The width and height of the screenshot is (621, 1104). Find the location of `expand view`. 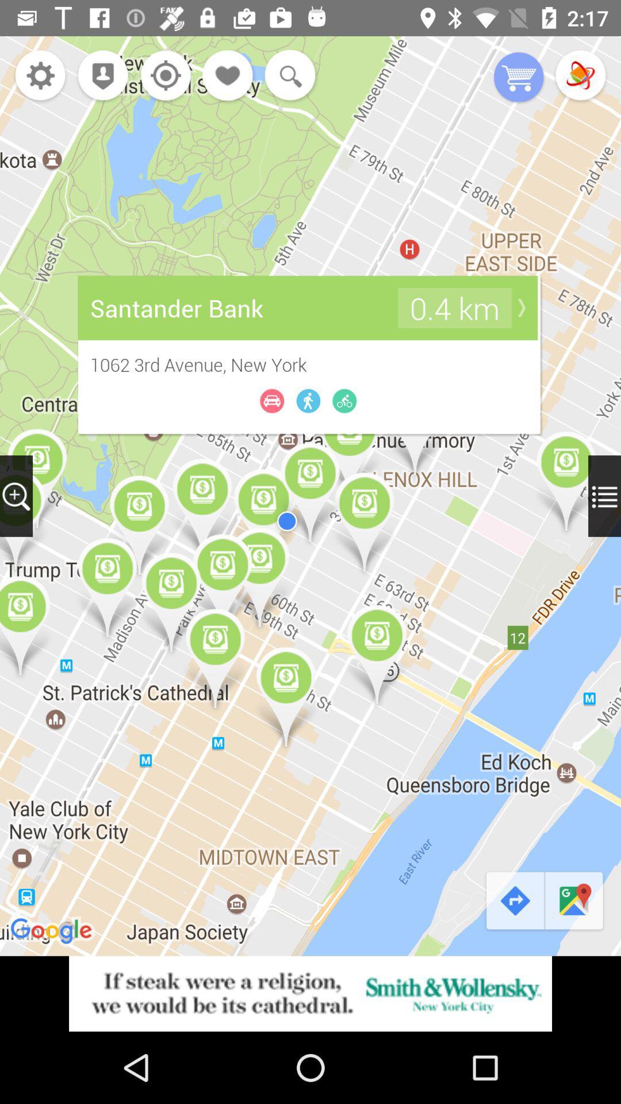

expand view is located at coordinates (604, 496).